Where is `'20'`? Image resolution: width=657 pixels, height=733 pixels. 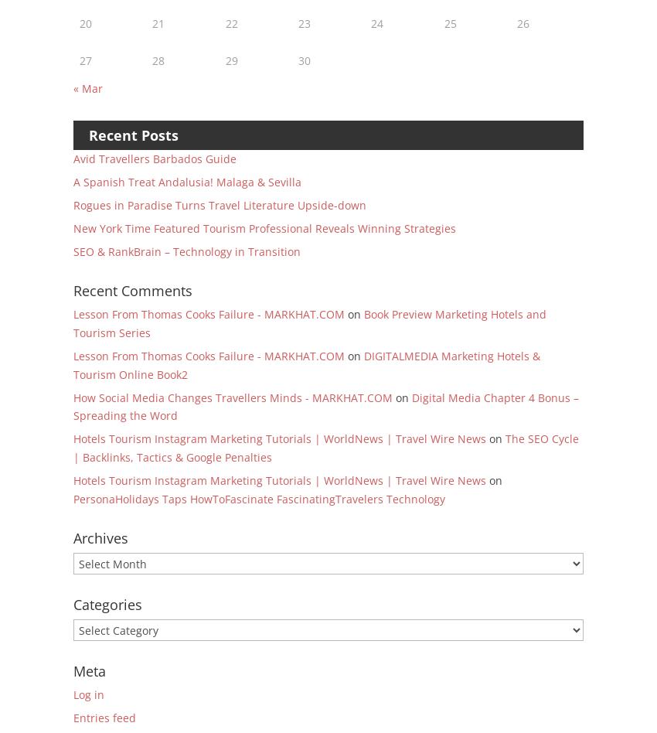
'20' is located at coordinates (85, 23).